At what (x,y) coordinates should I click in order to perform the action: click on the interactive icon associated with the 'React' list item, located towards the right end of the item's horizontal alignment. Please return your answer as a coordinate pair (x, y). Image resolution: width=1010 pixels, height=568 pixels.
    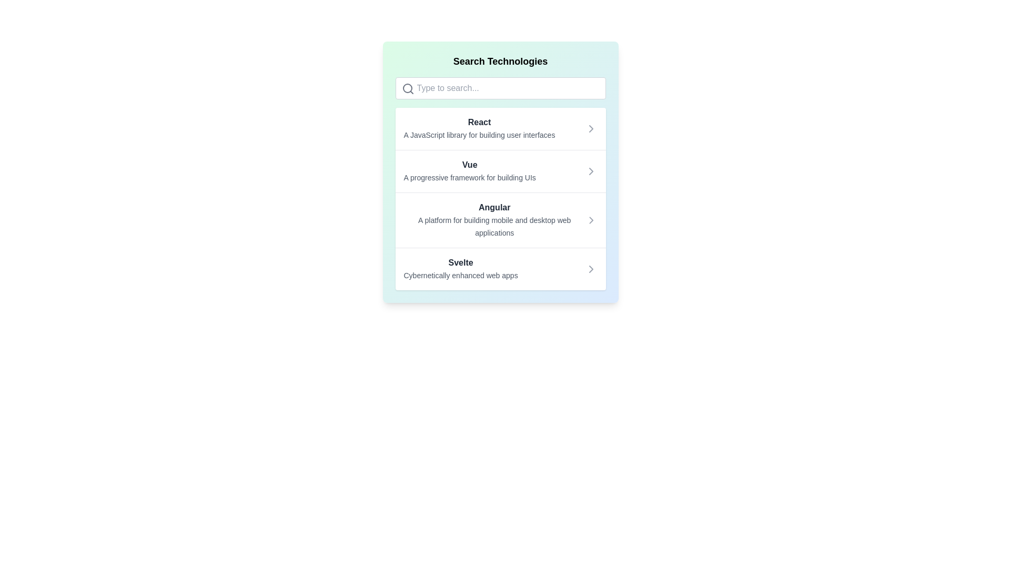
    Looking at the image, I should click on (591, 128).